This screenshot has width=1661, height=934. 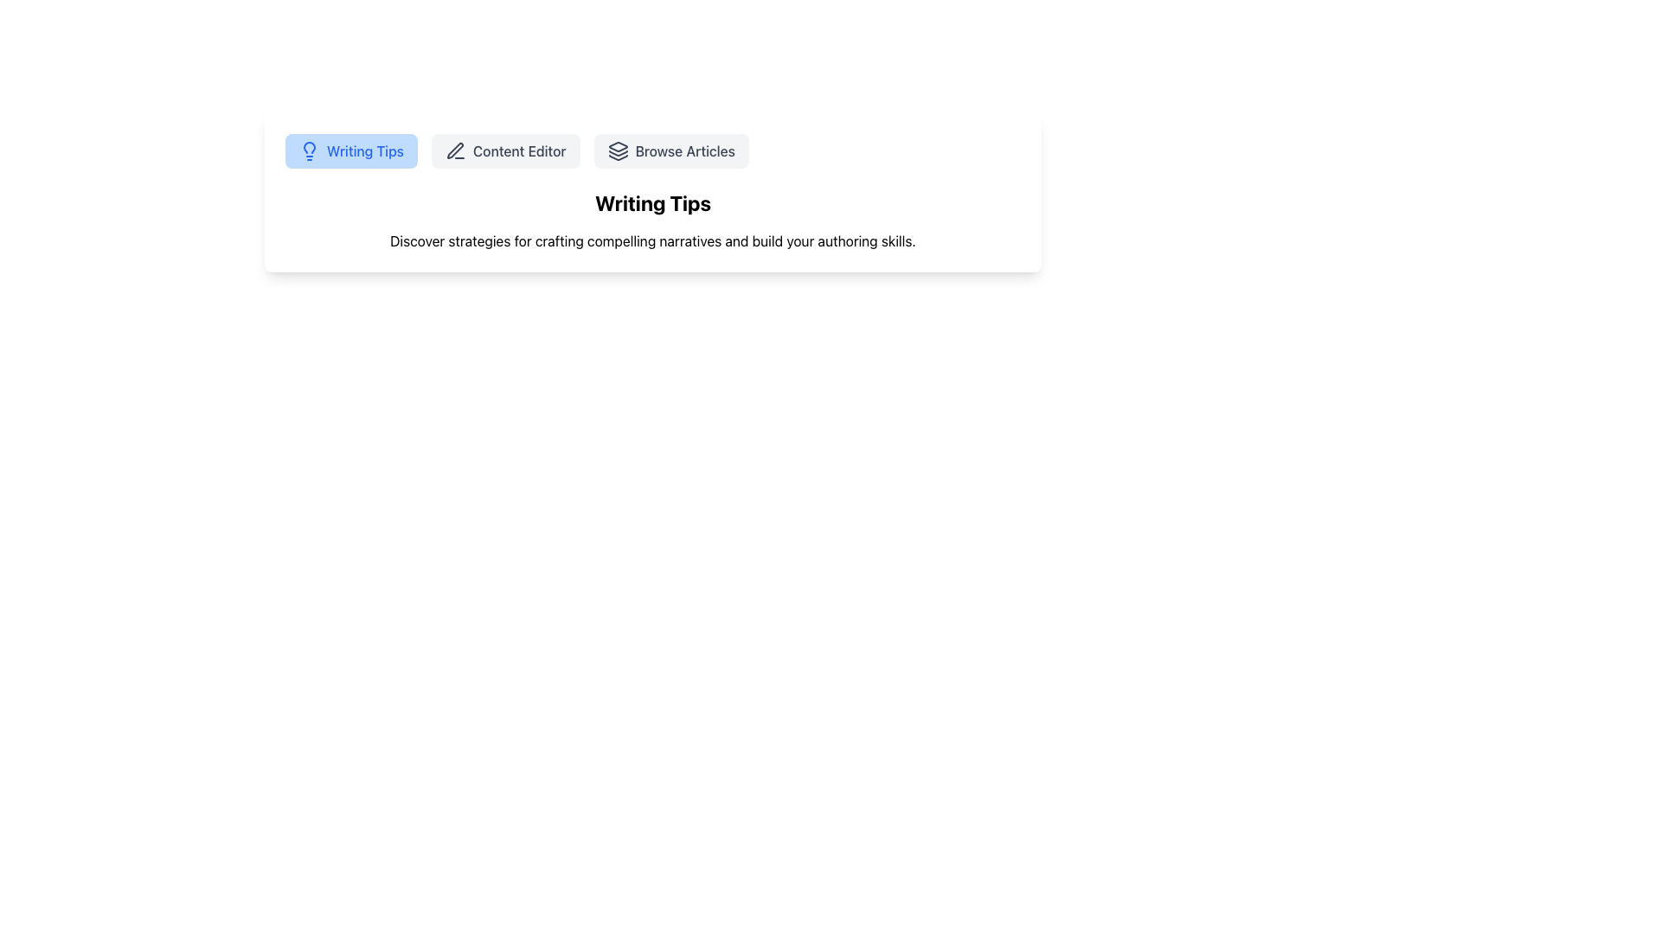 I want to click on the third button labeled 'Browse Articles' located under the 'Writing Tips' section, so click(x=670, y=150).